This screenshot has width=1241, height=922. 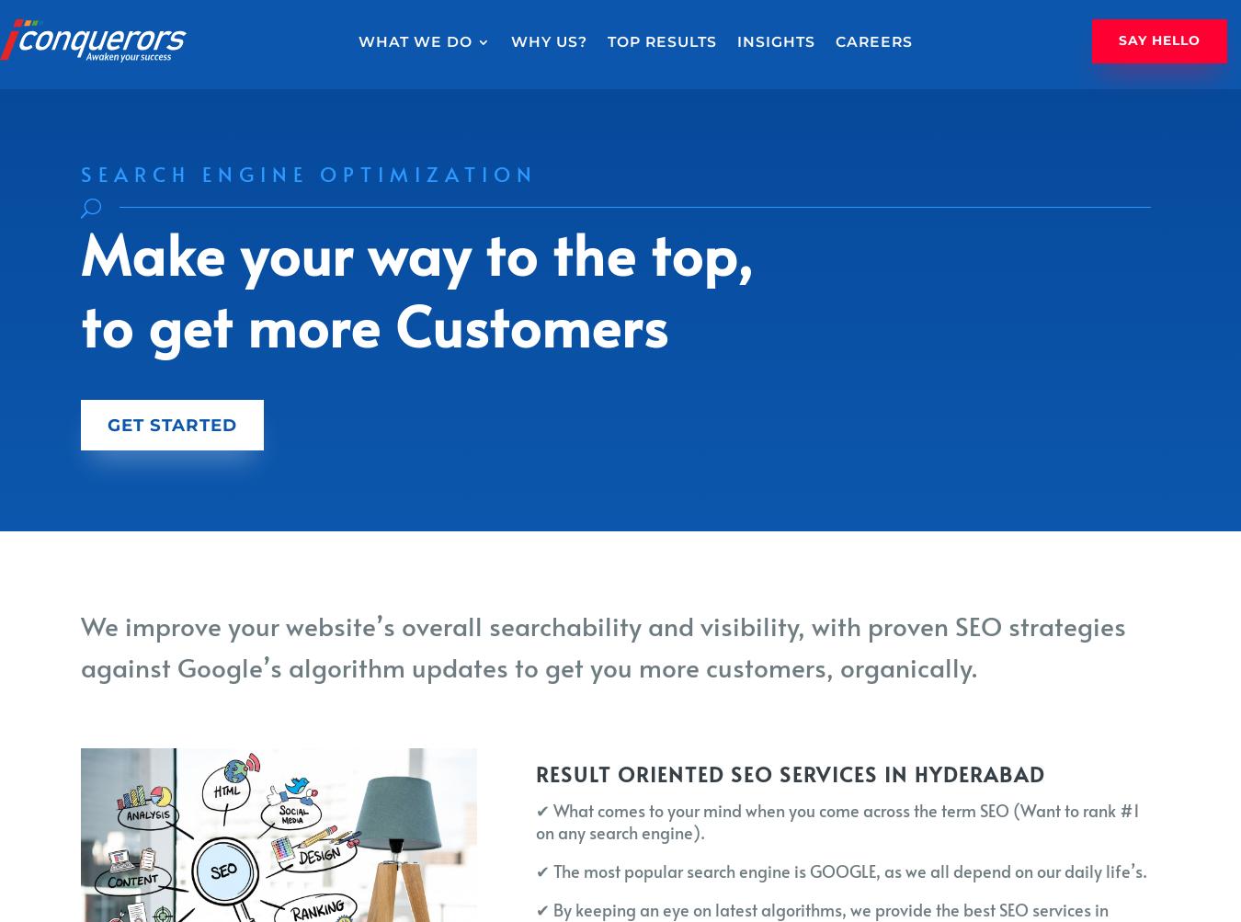 What do you see at coordinates (78, 171) in the screenshot?
I see `'Search Engine Optimization'` at bounding box center [78, 171].